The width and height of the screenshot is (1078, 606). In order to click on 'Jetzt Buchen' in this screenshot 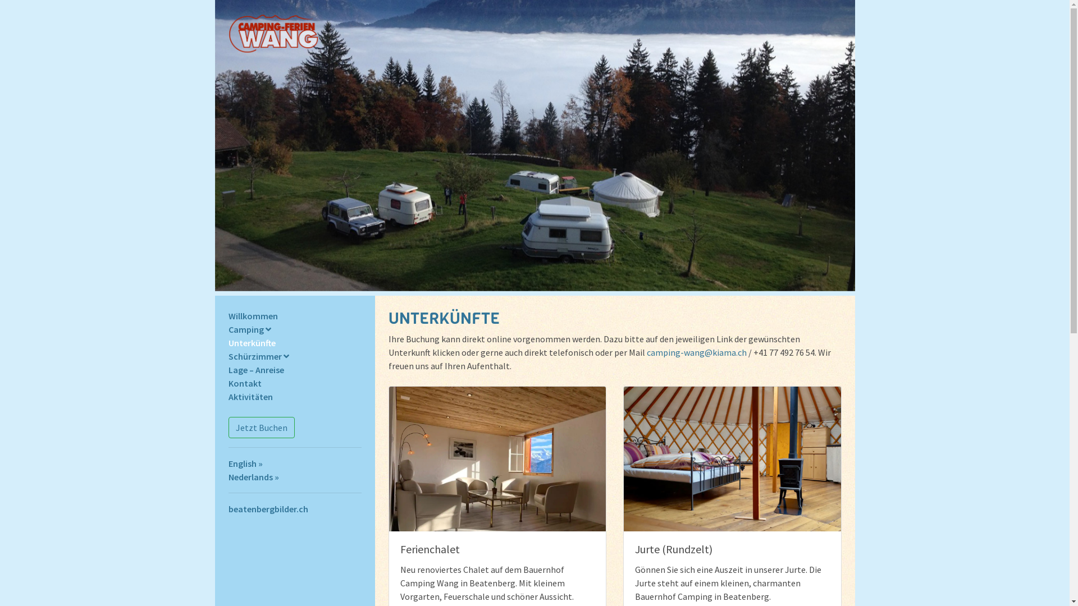, I will do `click(261, 428)`.